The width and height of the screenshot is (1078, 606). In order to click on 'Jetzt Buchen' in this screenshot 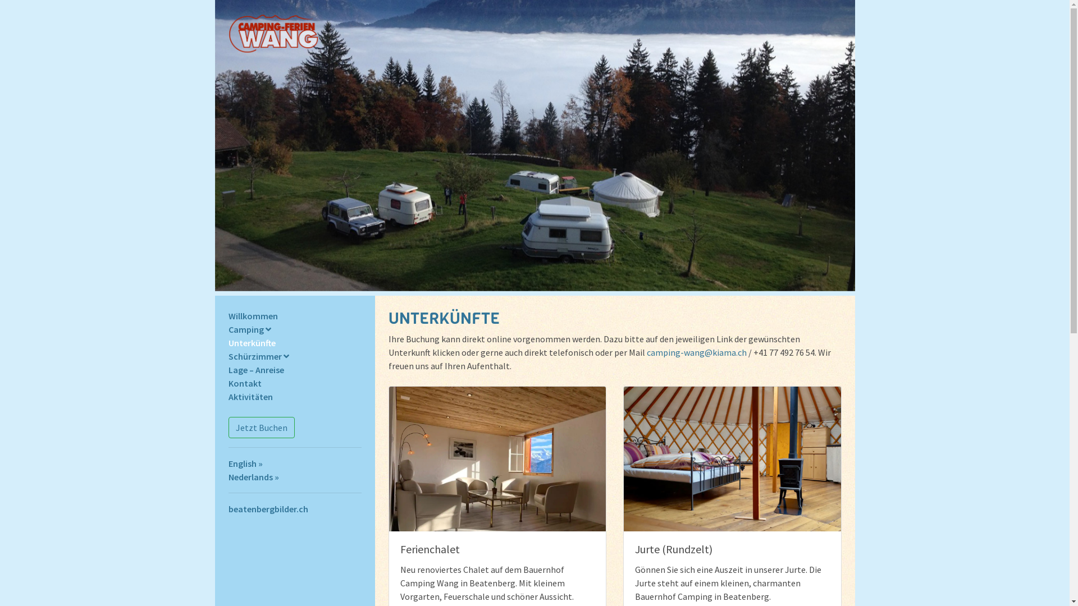, I will do `click(261, 428)`.